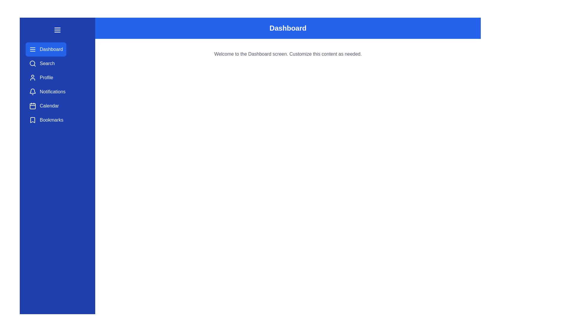 The height and width of the screenshot is (318, 566). What do you see at coordinates (51, 49) in the screenshot?
I see `the 'Dashboard' text label, which is styled in white text on a blue background within the left menu panel` at bounding box center [51, 49].